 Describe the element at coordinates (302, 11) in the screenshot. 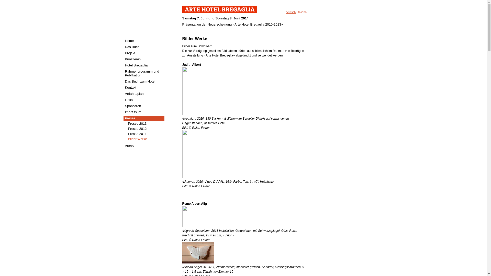

I see `'italiano'` at that location.